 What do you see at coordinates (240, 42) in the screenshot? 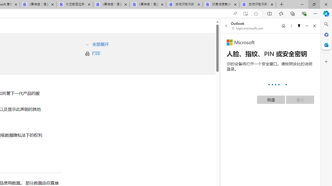
I see `'Microsoft'` at bounding box center [240, 42].